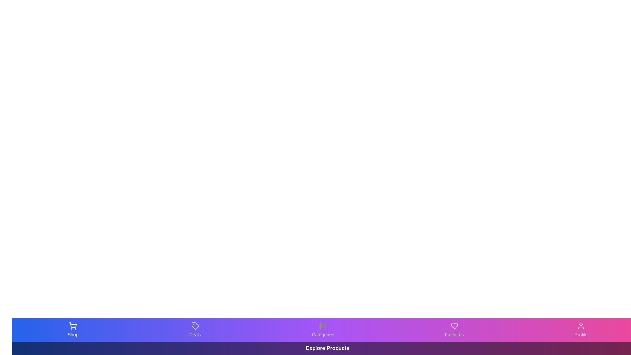  Describe the element at coordinates (581, 330) in the screenshot. I see `the Profile tab in the bottom navigation bar` at that location.